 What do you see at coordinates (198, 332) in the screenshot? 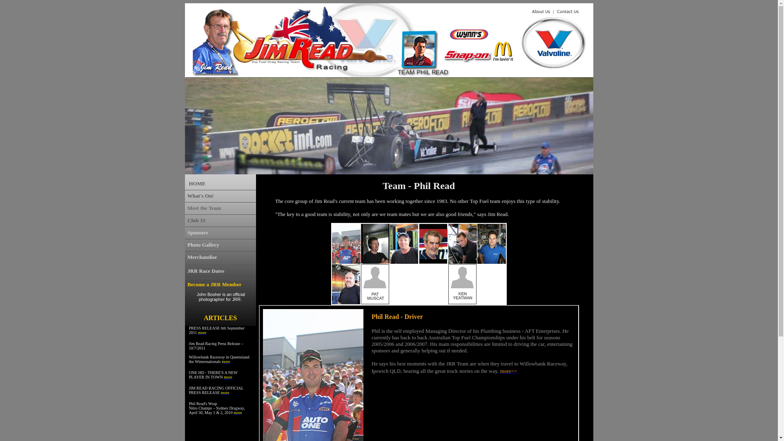
I see `'m'` at bounding box center [198, 332].